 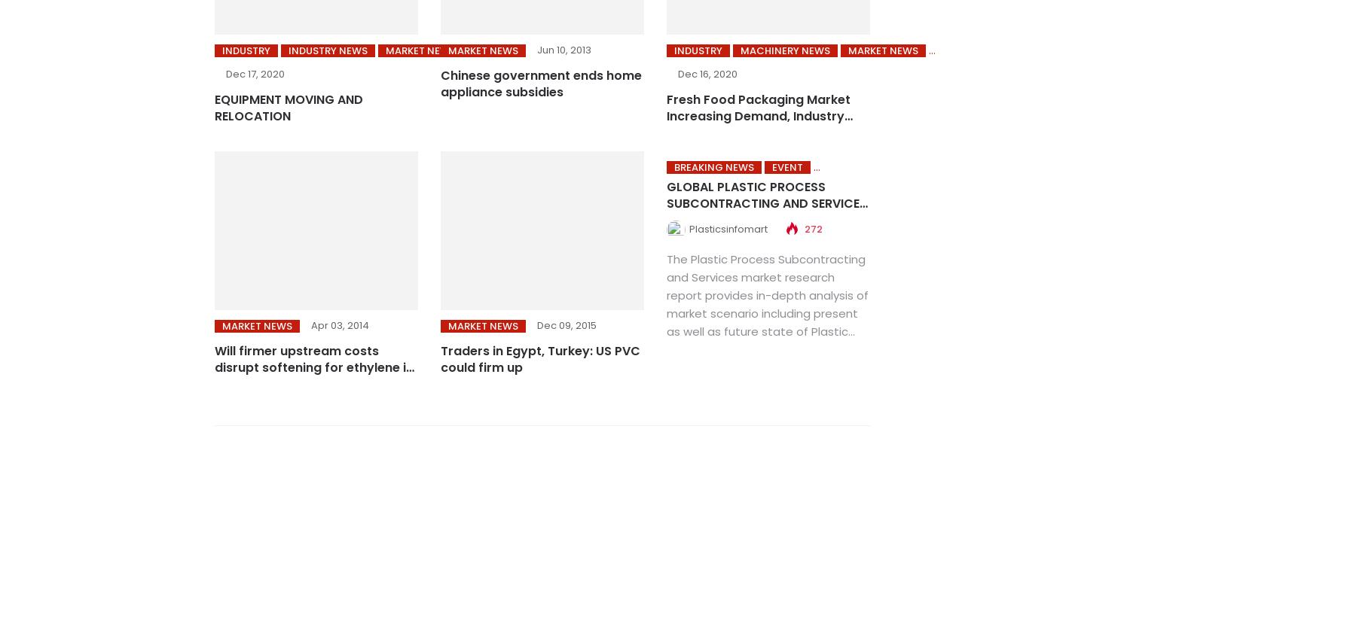 I want to click on 'EQUIPMENT MOVING AND RELOCATION', so click(x=289, y=107).